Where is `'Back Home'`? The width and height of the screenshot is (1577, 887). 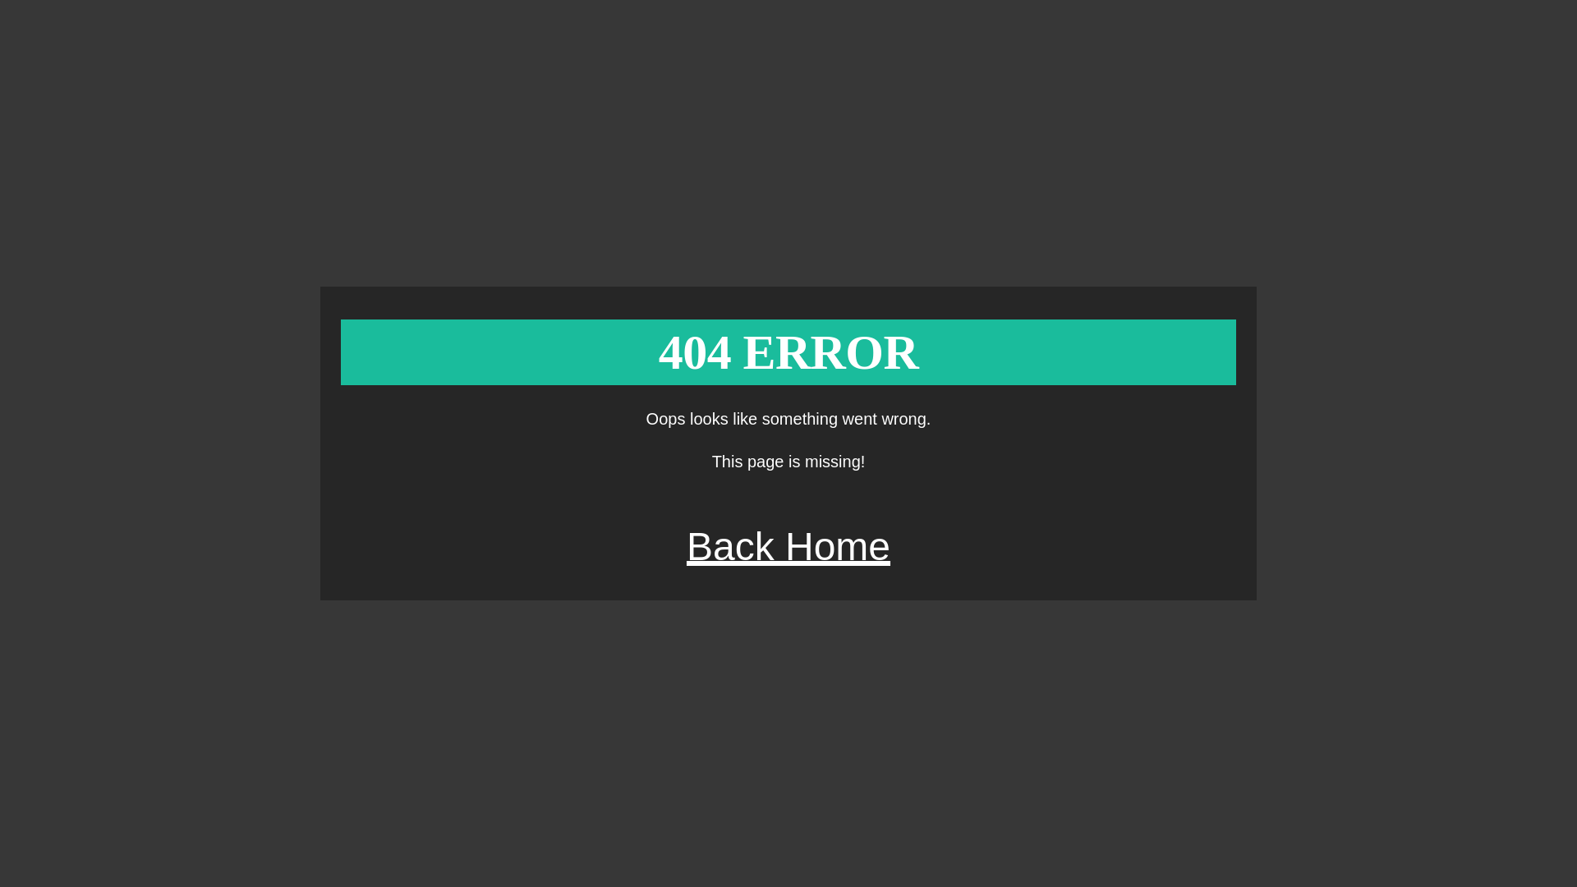 'Back Home' is located at coordinates (788, 546).